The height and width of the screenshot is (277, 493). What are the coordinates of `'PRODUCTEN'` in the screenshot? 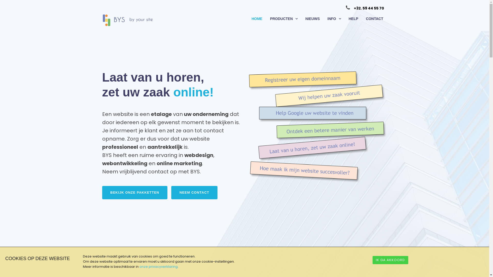 It's located at (283, 18).